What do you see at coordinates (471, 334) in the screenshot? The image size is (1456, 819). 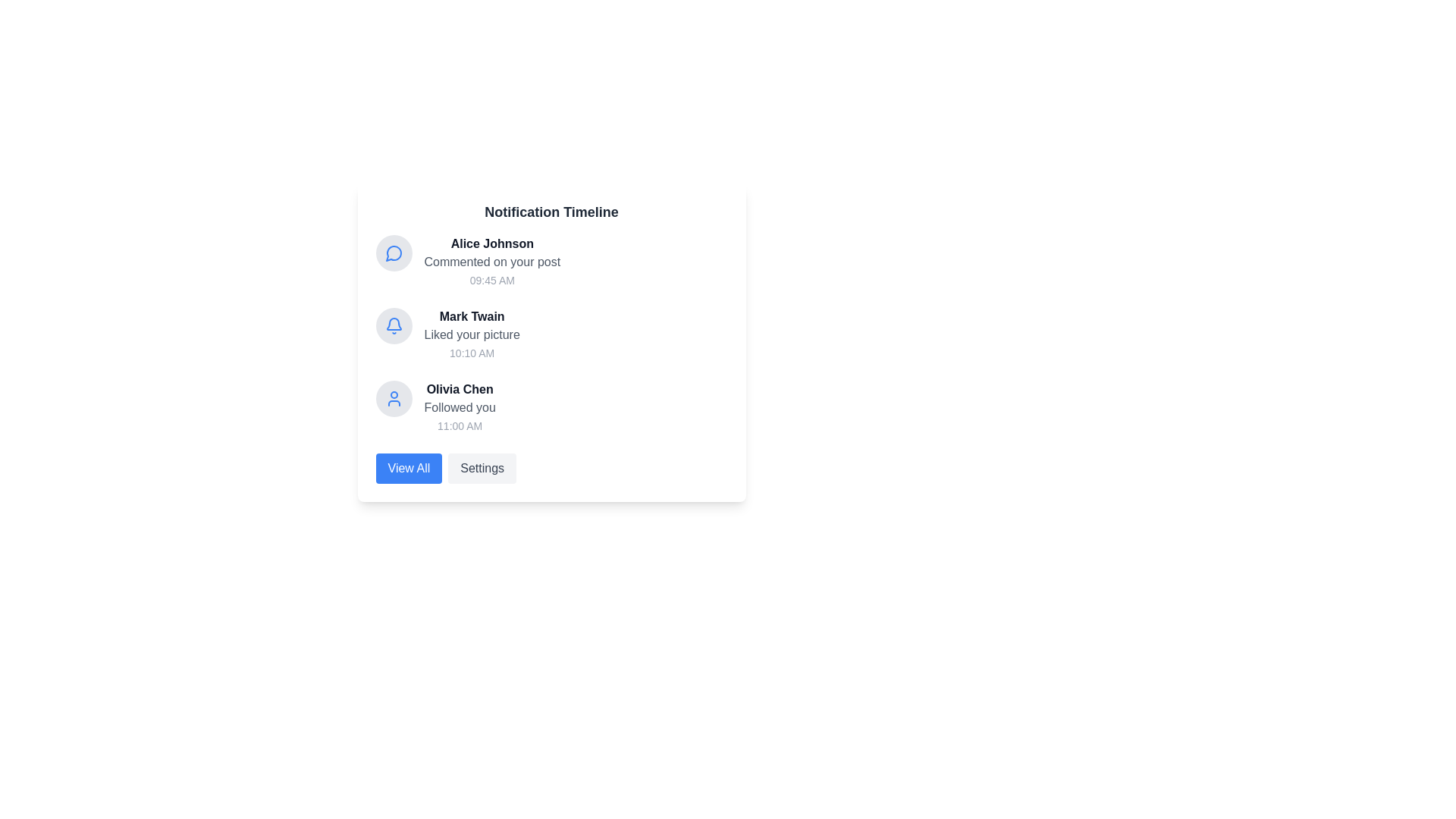 I see `the static label providing a descriptive message about the activity performed by the user 'Mark Twain', which is located in the second notification item of the 'Notification Timeline', below the username and above the timestamp` at bounding box center [471, 334].